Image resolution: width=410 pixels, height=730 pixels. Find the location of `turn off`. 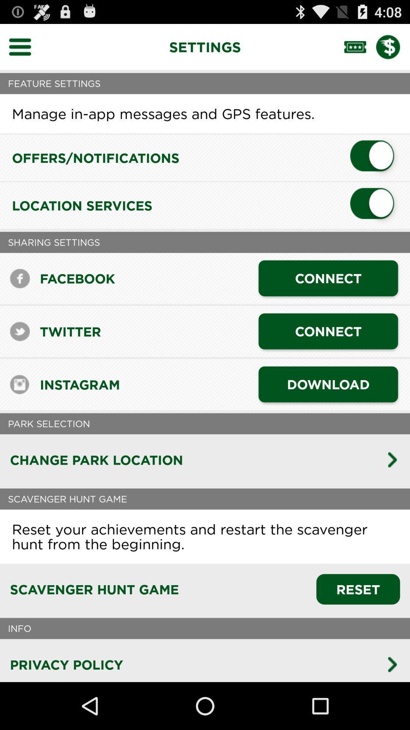

turn off is located at coordinates (375, 157).